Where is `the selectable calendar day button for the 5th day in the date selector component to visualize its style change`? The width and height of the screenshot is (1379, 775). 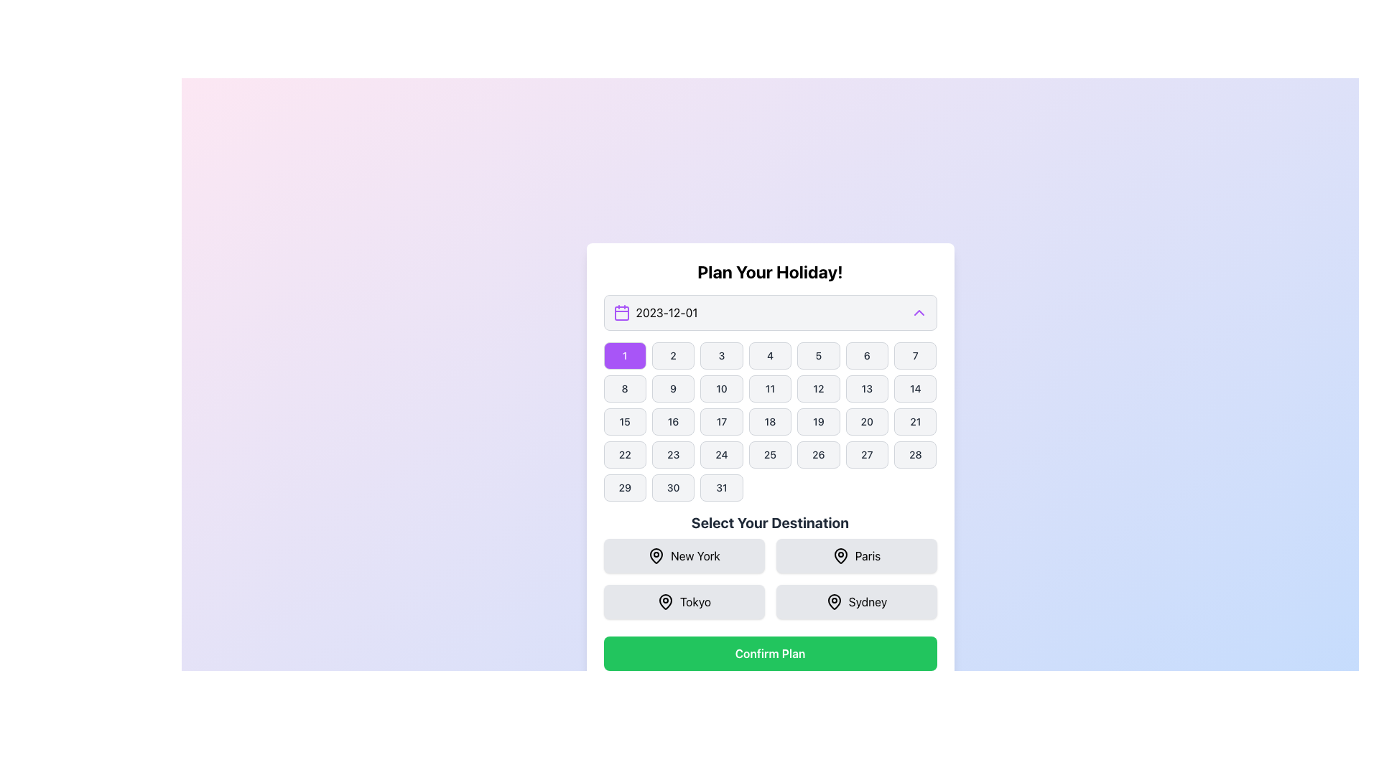 the selectable calendar day button for the 5th day in the date selector component to visualize its style change is located at coordinates (818, 355).